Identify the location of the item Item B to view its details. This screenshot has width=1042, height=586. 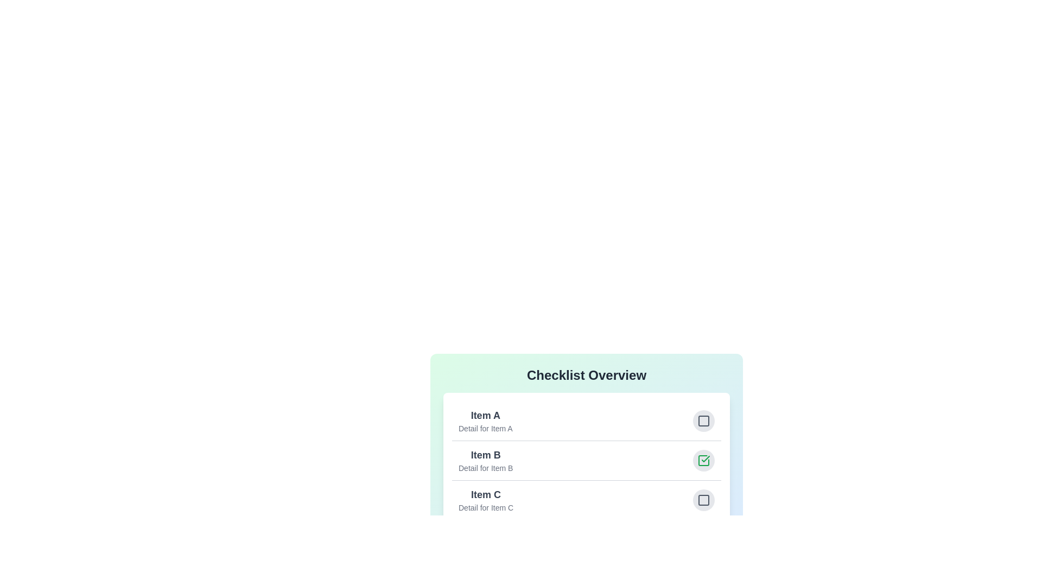
(586, 460).